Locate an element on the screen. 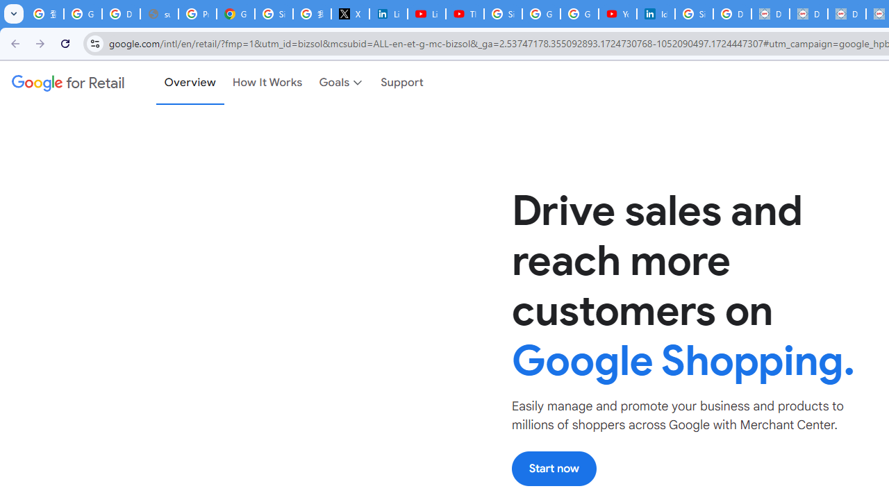 This screenshot has width=889, height=500. 'Google for Retail' is located at coordinates (67, 83).